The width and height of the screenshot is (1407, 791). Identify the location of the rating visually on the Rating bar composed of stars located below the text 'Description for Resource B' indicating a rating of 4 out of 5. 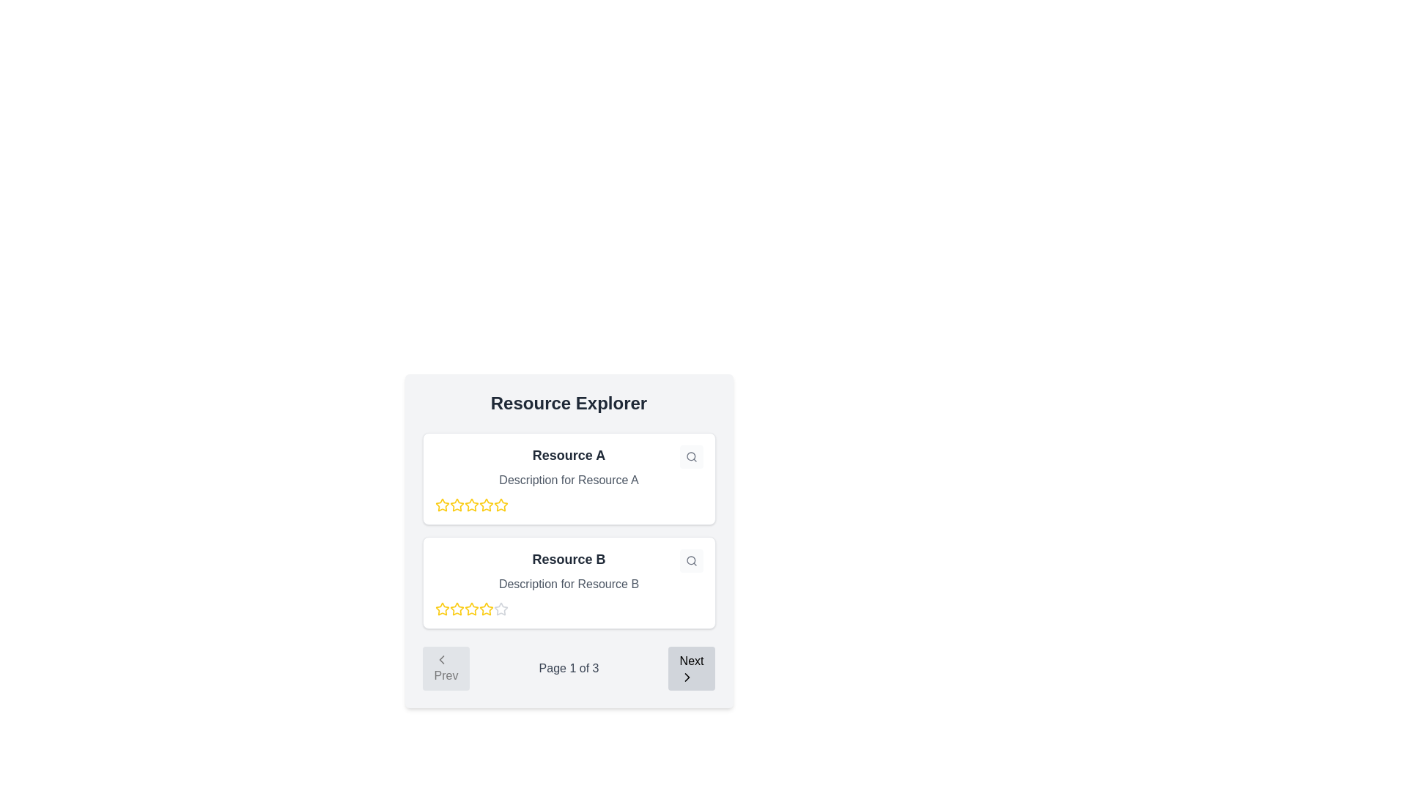
(568, 609).